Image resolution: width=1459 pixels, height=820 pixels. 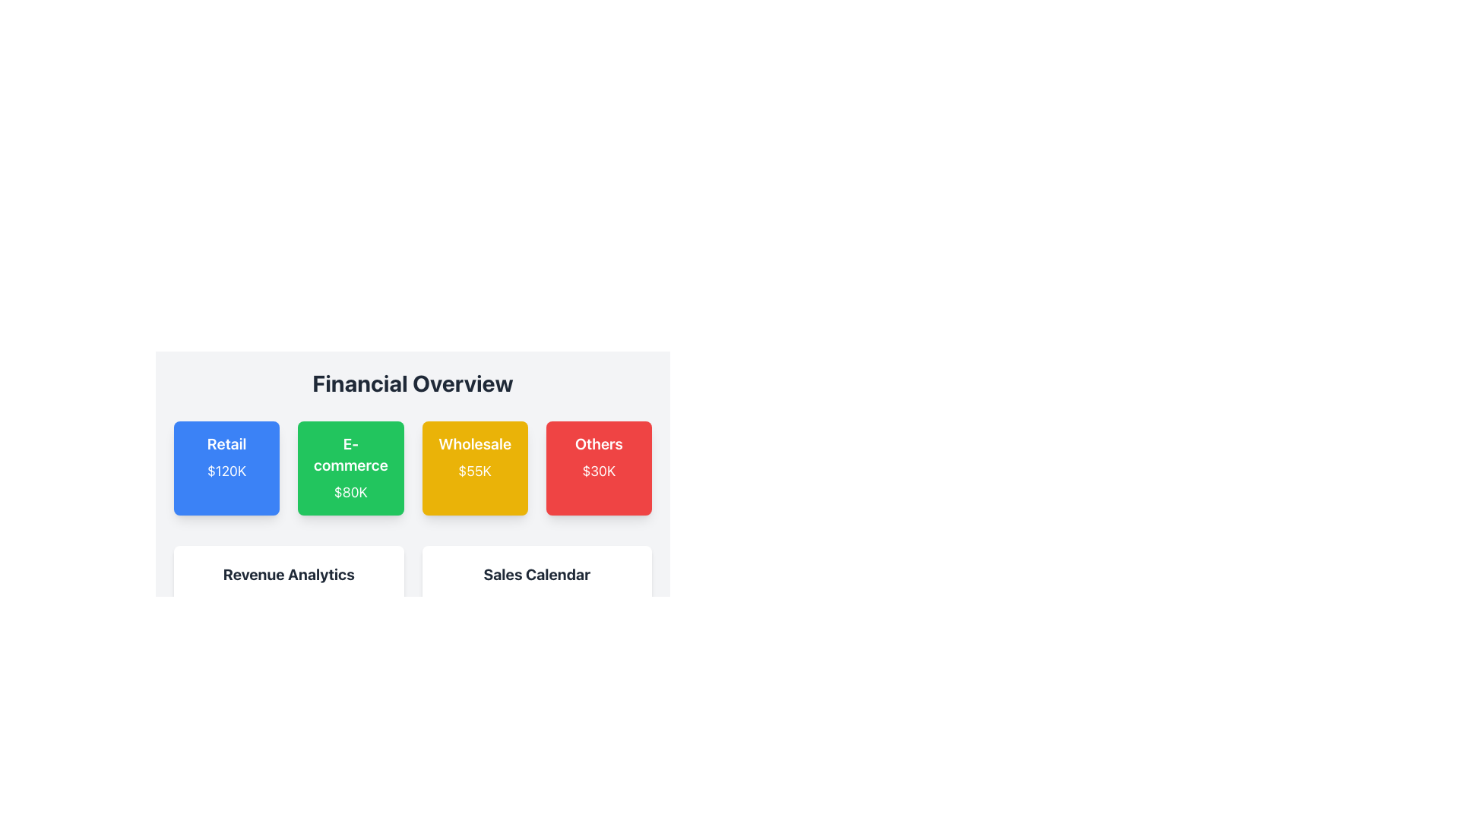 I want to click on the text 'Retail' which is styled in large, bold, white font on a blue rectangular background, located in the top-left section of the leftmost card in the 'Financial Overview' section, so click(x=226, y=444).